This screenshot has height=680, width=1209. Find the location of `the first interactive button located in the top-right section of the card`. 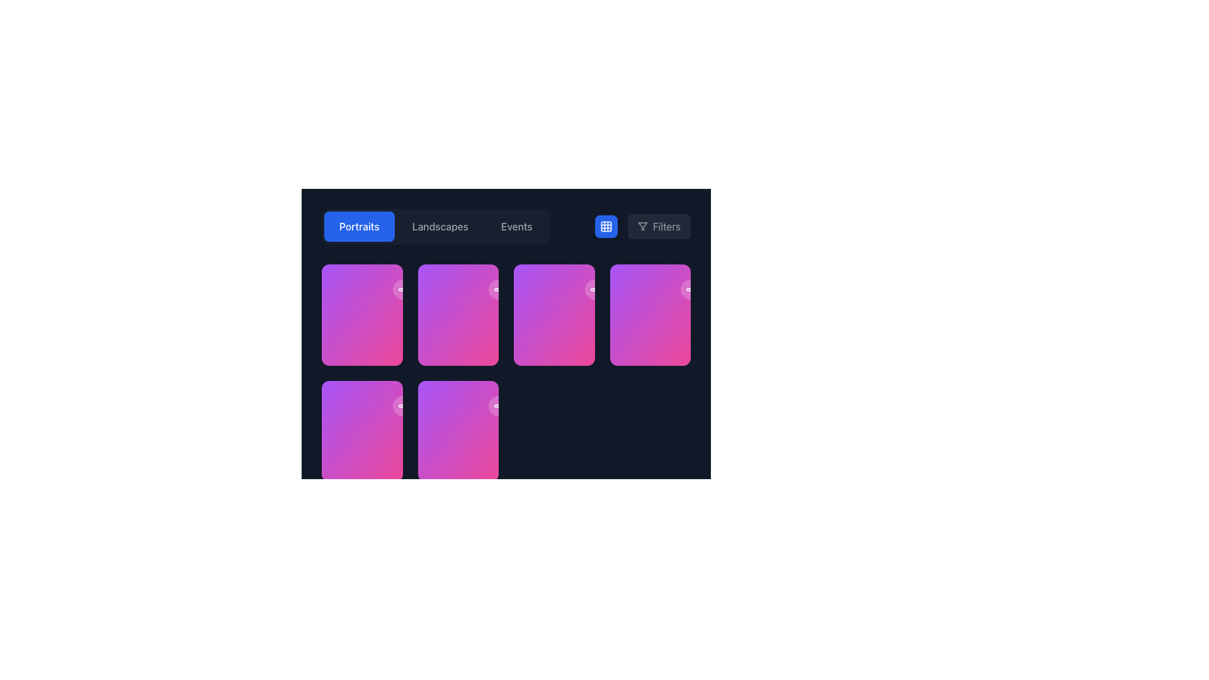

the first interactive button located in the top-right section of the card is located at coordinates (700, 286).